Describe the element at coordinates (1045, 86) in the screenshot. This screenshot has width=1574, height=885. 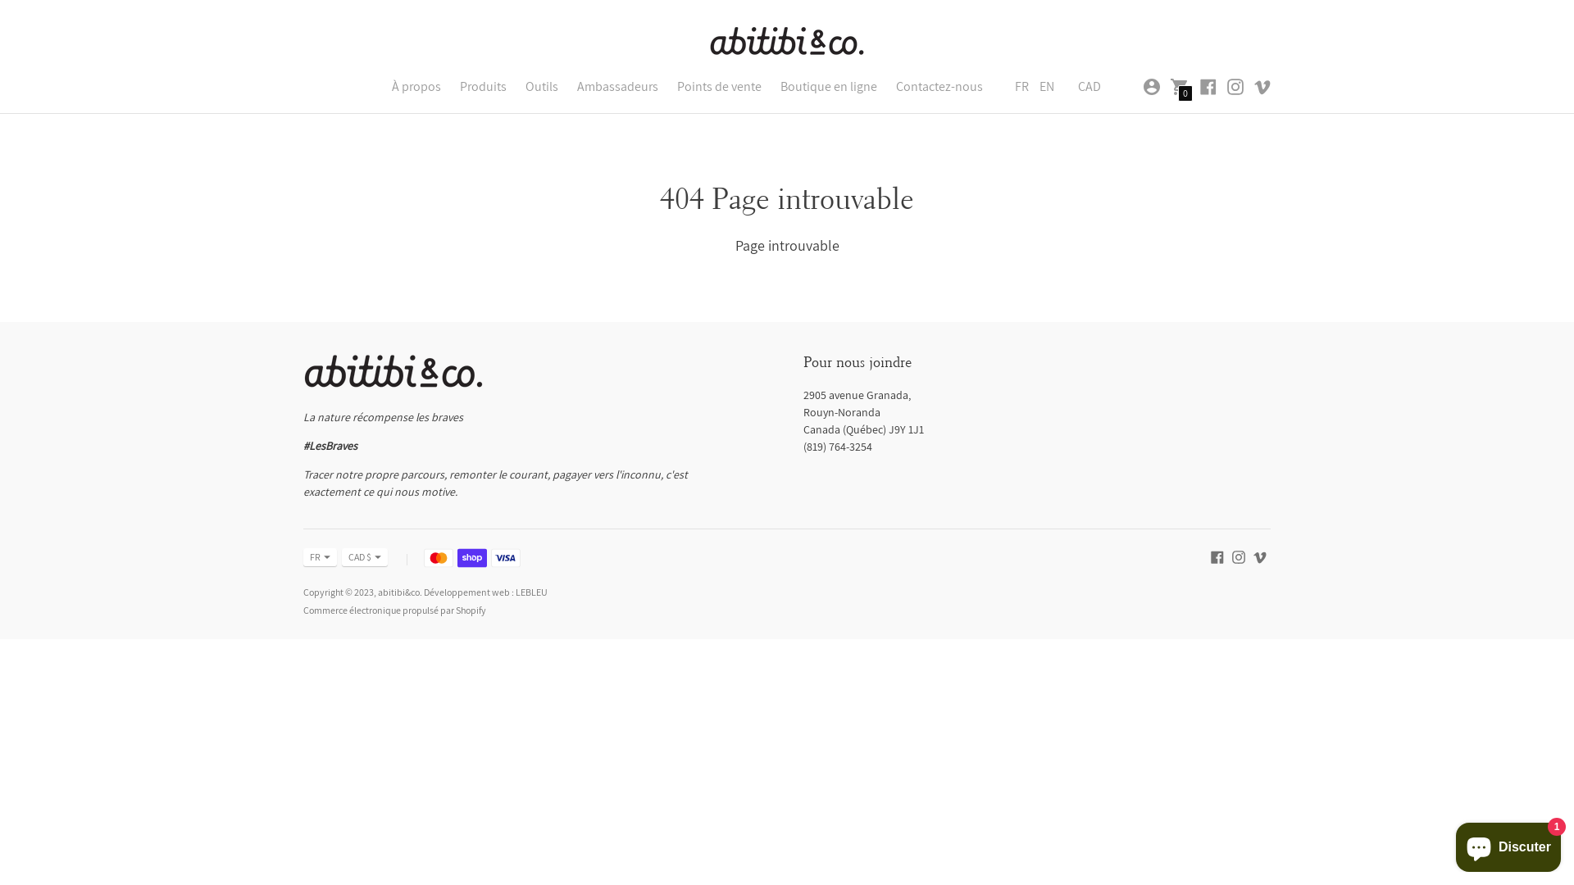
I see `'EN'` at that location.